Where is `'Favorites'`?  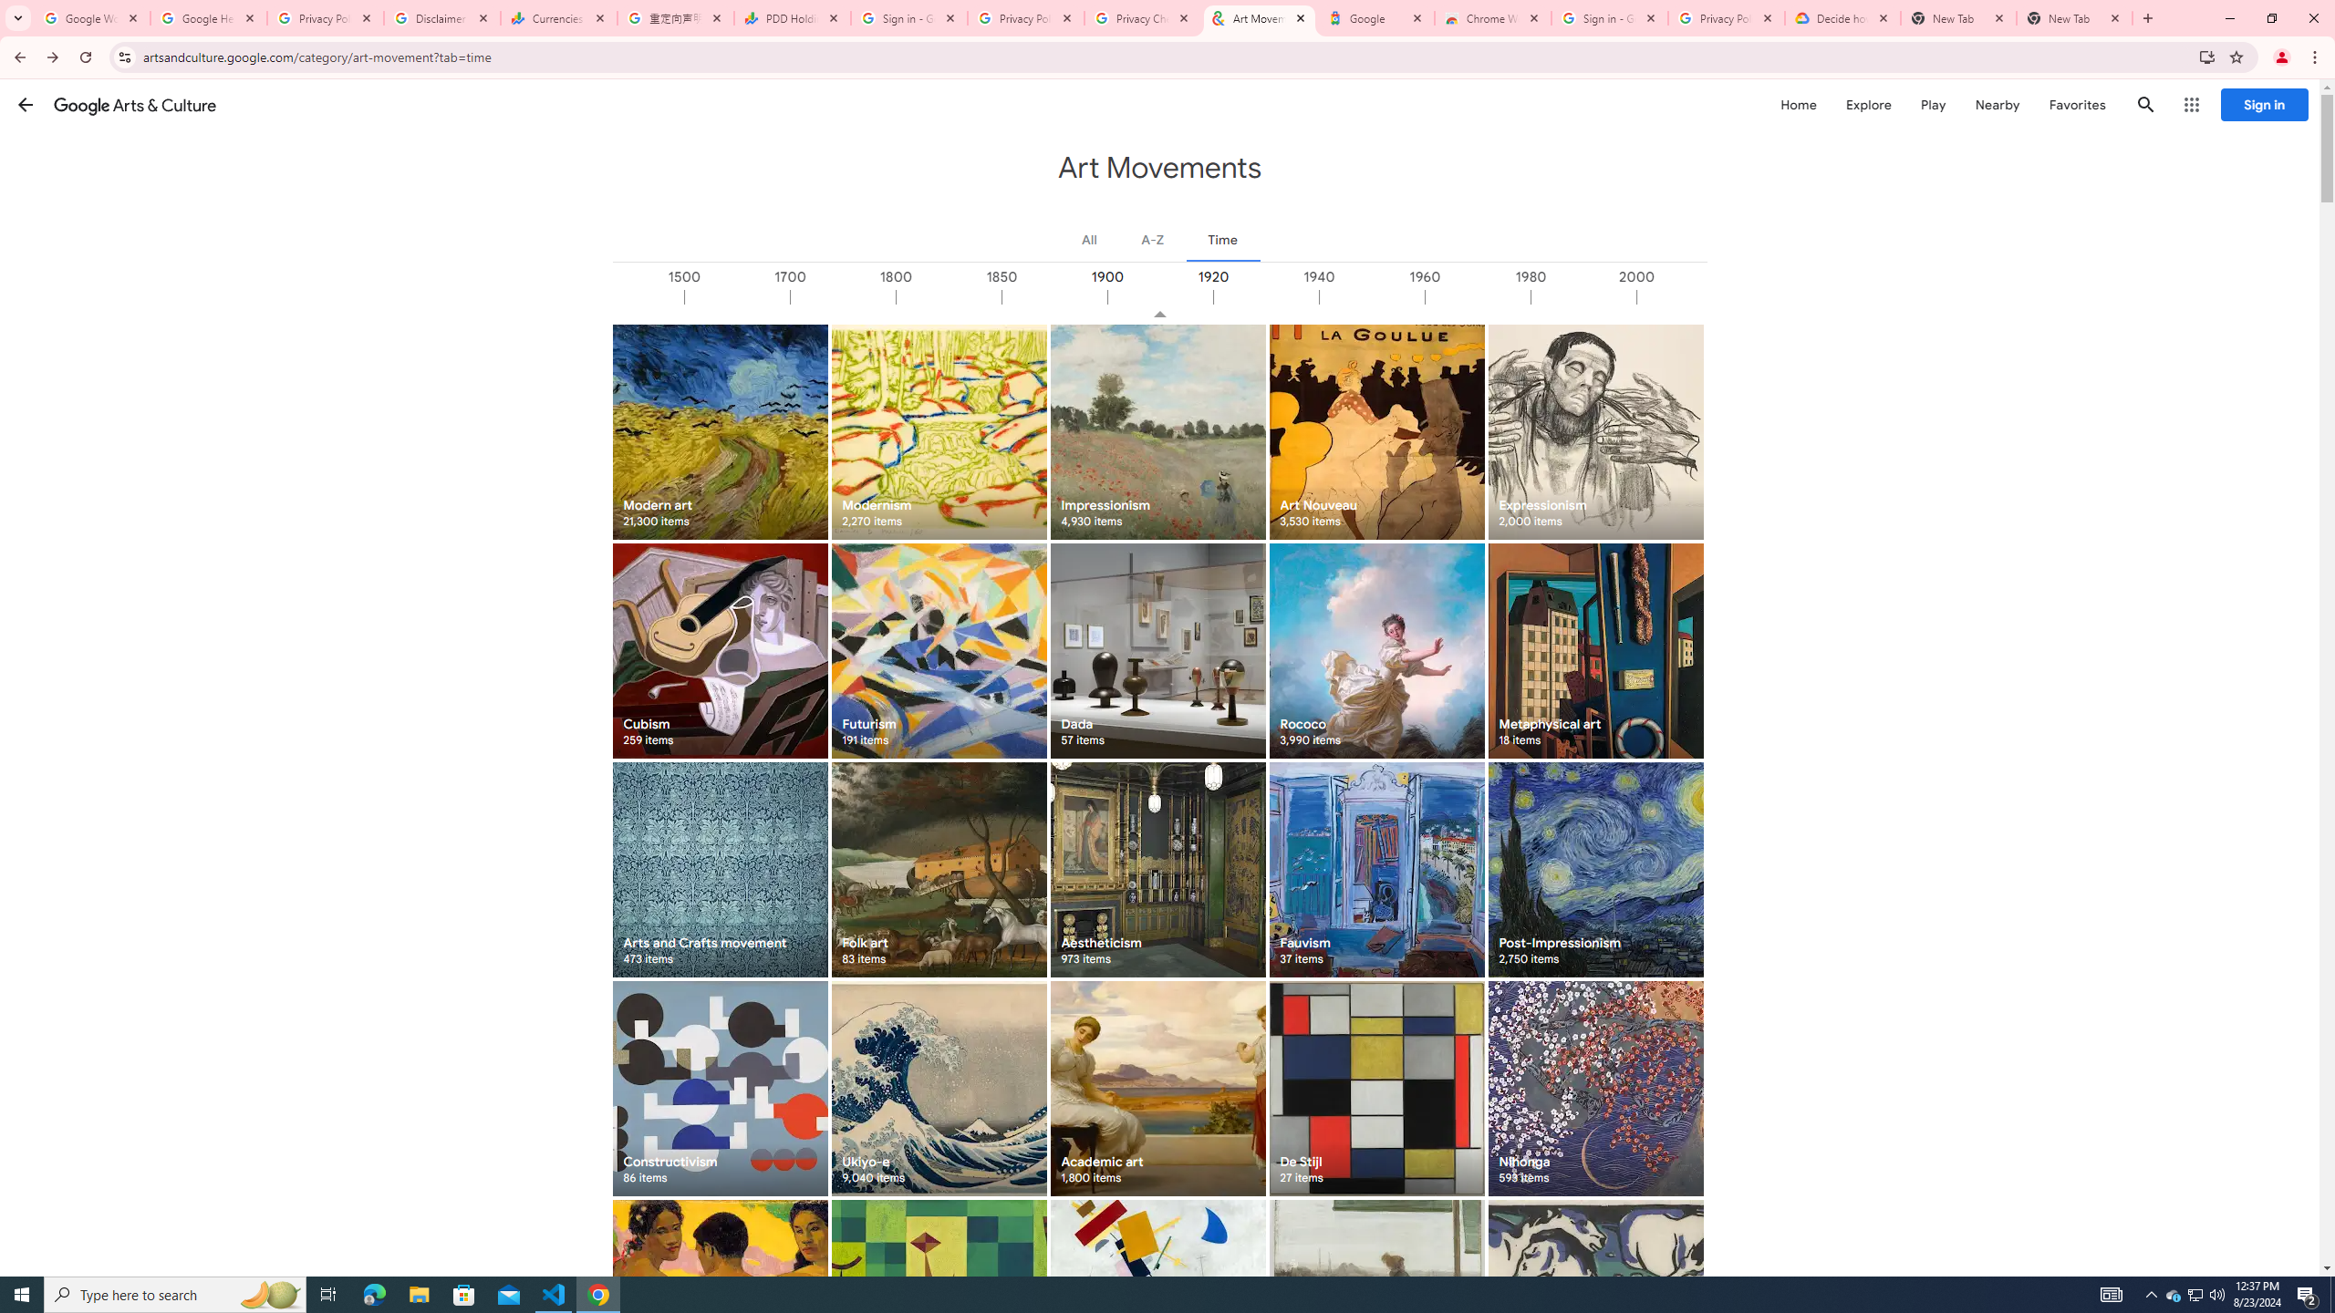
'Favorites' is located at coordinates (2076, 104).